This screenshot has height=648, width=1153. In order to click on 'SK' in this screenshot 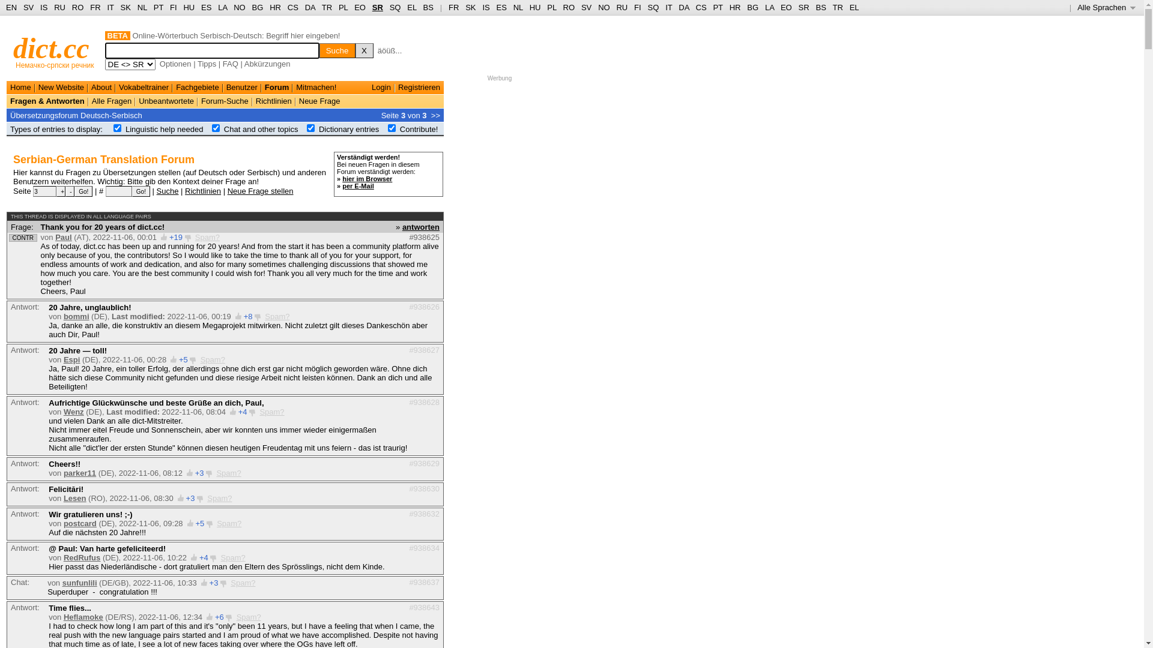, I will do `click(470, 7)`.